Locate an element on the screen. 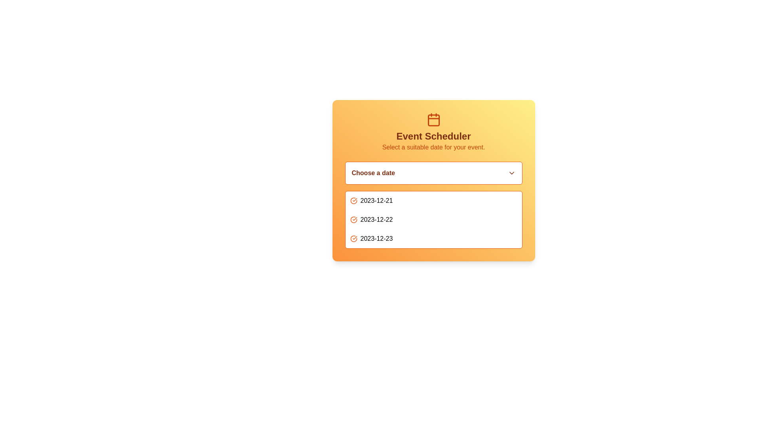 The width and height of the screenshot is (760, 427). the dropdown menu labeled 'Choose a date' with an orange border is located at coordinates (433, 173).